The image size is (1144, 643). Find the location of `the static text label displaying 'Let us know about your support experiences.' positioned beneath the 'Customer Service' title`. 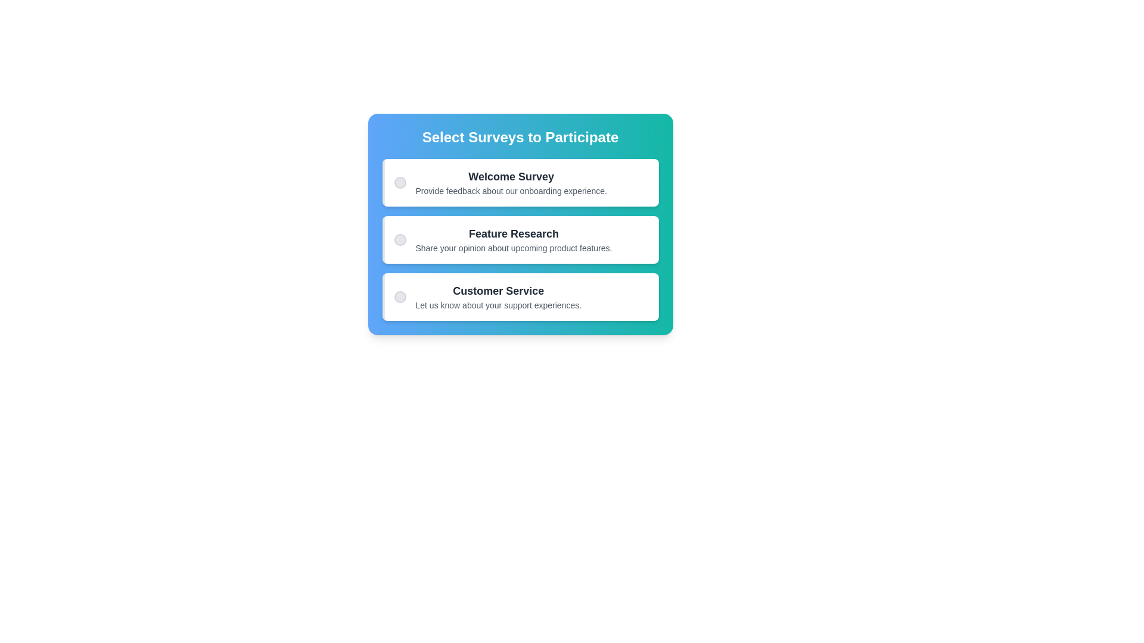

the static text label displaying 'Let us know about your support experiences.' positioned beneath the 'Customer Service' title is located at coordinates (498, 305).